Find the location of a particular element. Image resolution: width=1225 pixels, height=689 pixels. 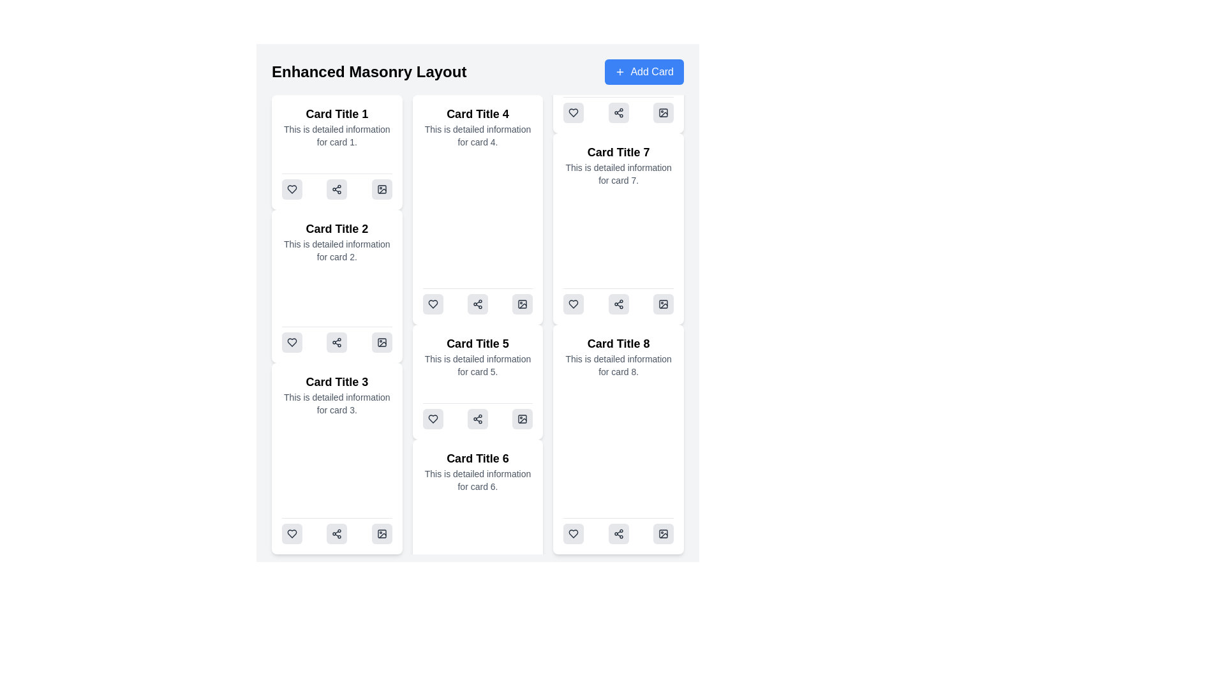

the share icon button, which resembles three connected circles forming a triangular arrangement, located within 'Card Title 5' as the middle button of three icons beneath the card text is located at coordinates (477, 304).